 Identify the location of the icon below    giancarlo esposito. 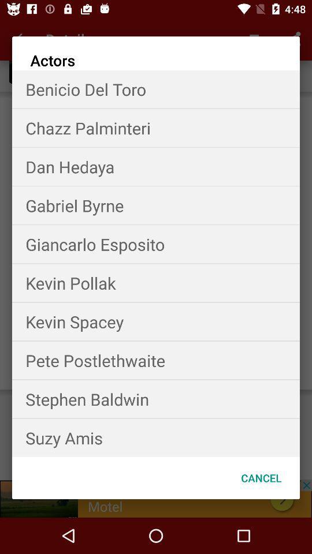
(156, 282).